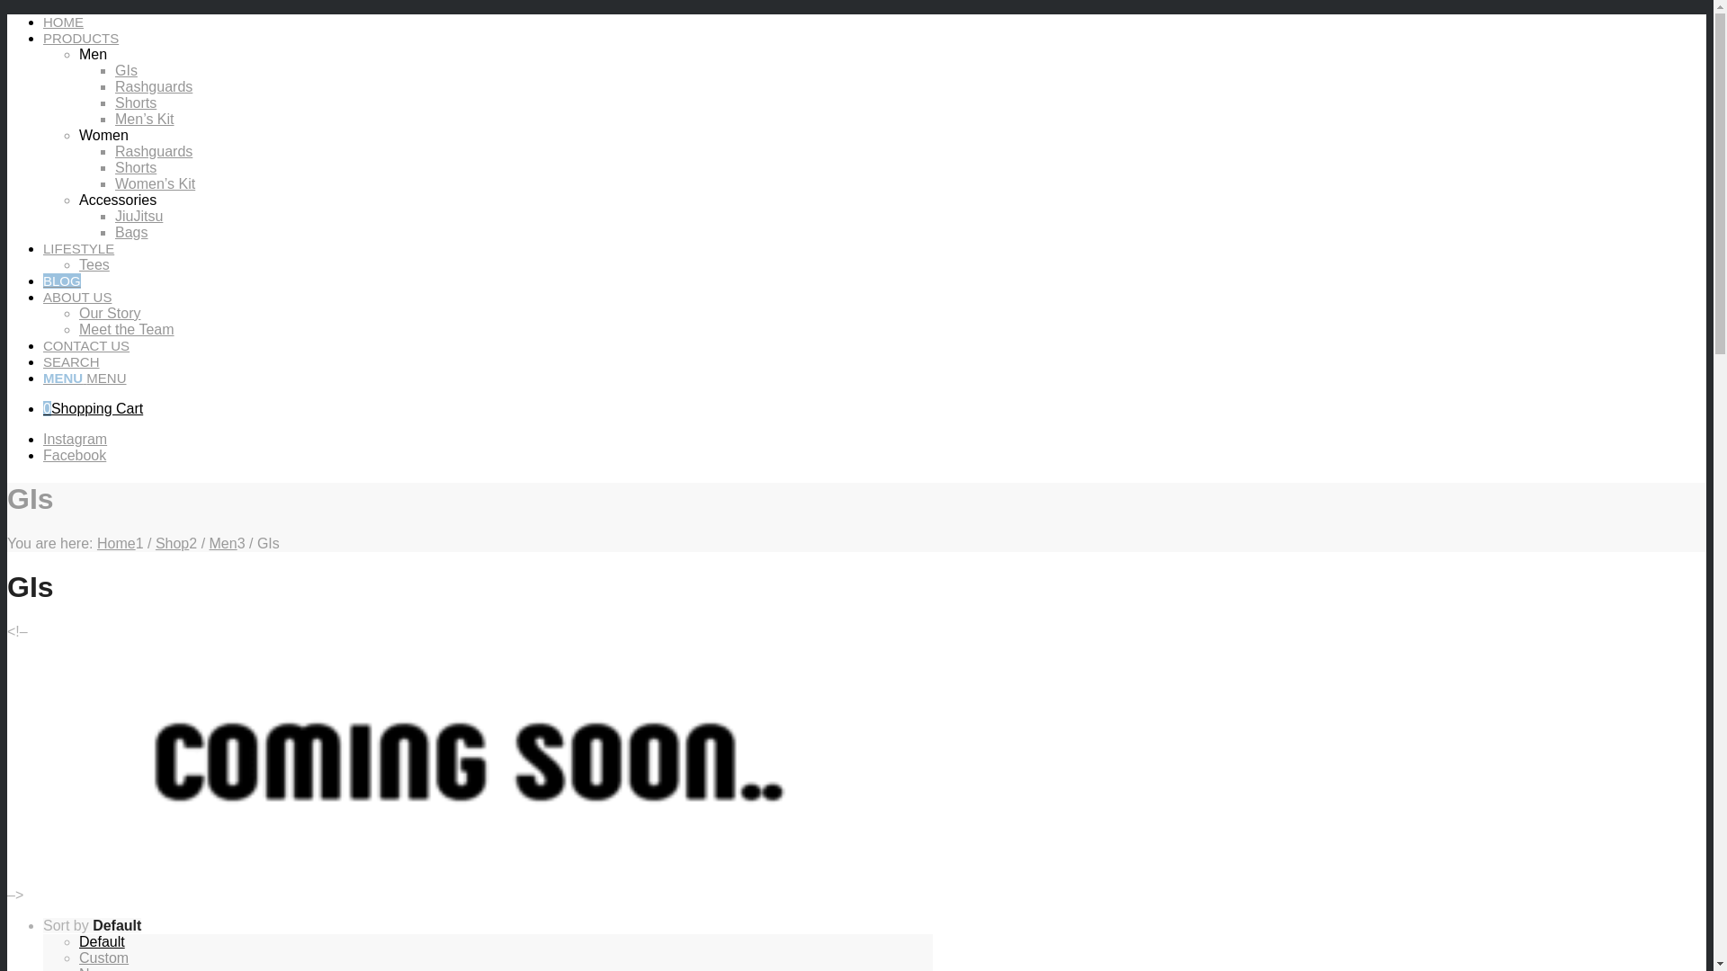  What do you see at coordinates (77, 264) in the screenshot?
I see `'Tees'` at bounding box center [77, 264].